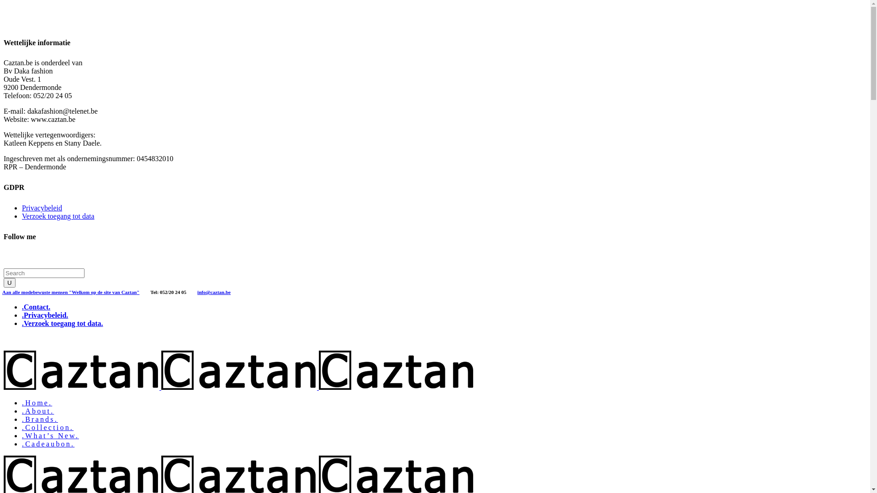 The image size is (877, 493). Describe the element at coordinates (22, 208) in the screenshot. I see `'Privacybeleid'` at that location.